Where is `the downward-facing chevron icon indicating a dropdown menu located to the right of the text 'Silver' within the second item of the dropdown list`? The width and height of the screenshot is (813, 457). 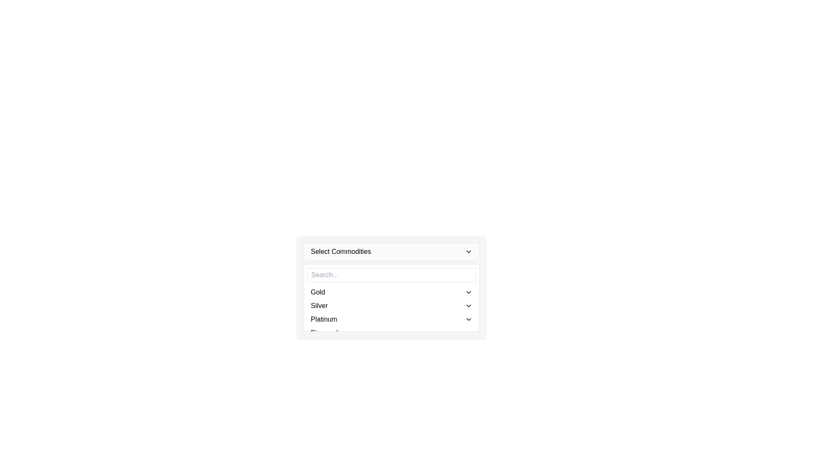 the downward-facing chevron icon indicating a dropdown menu located to the right of the text 'Silver' within the second item of the dropdown list is located at coordinates (468, 306).